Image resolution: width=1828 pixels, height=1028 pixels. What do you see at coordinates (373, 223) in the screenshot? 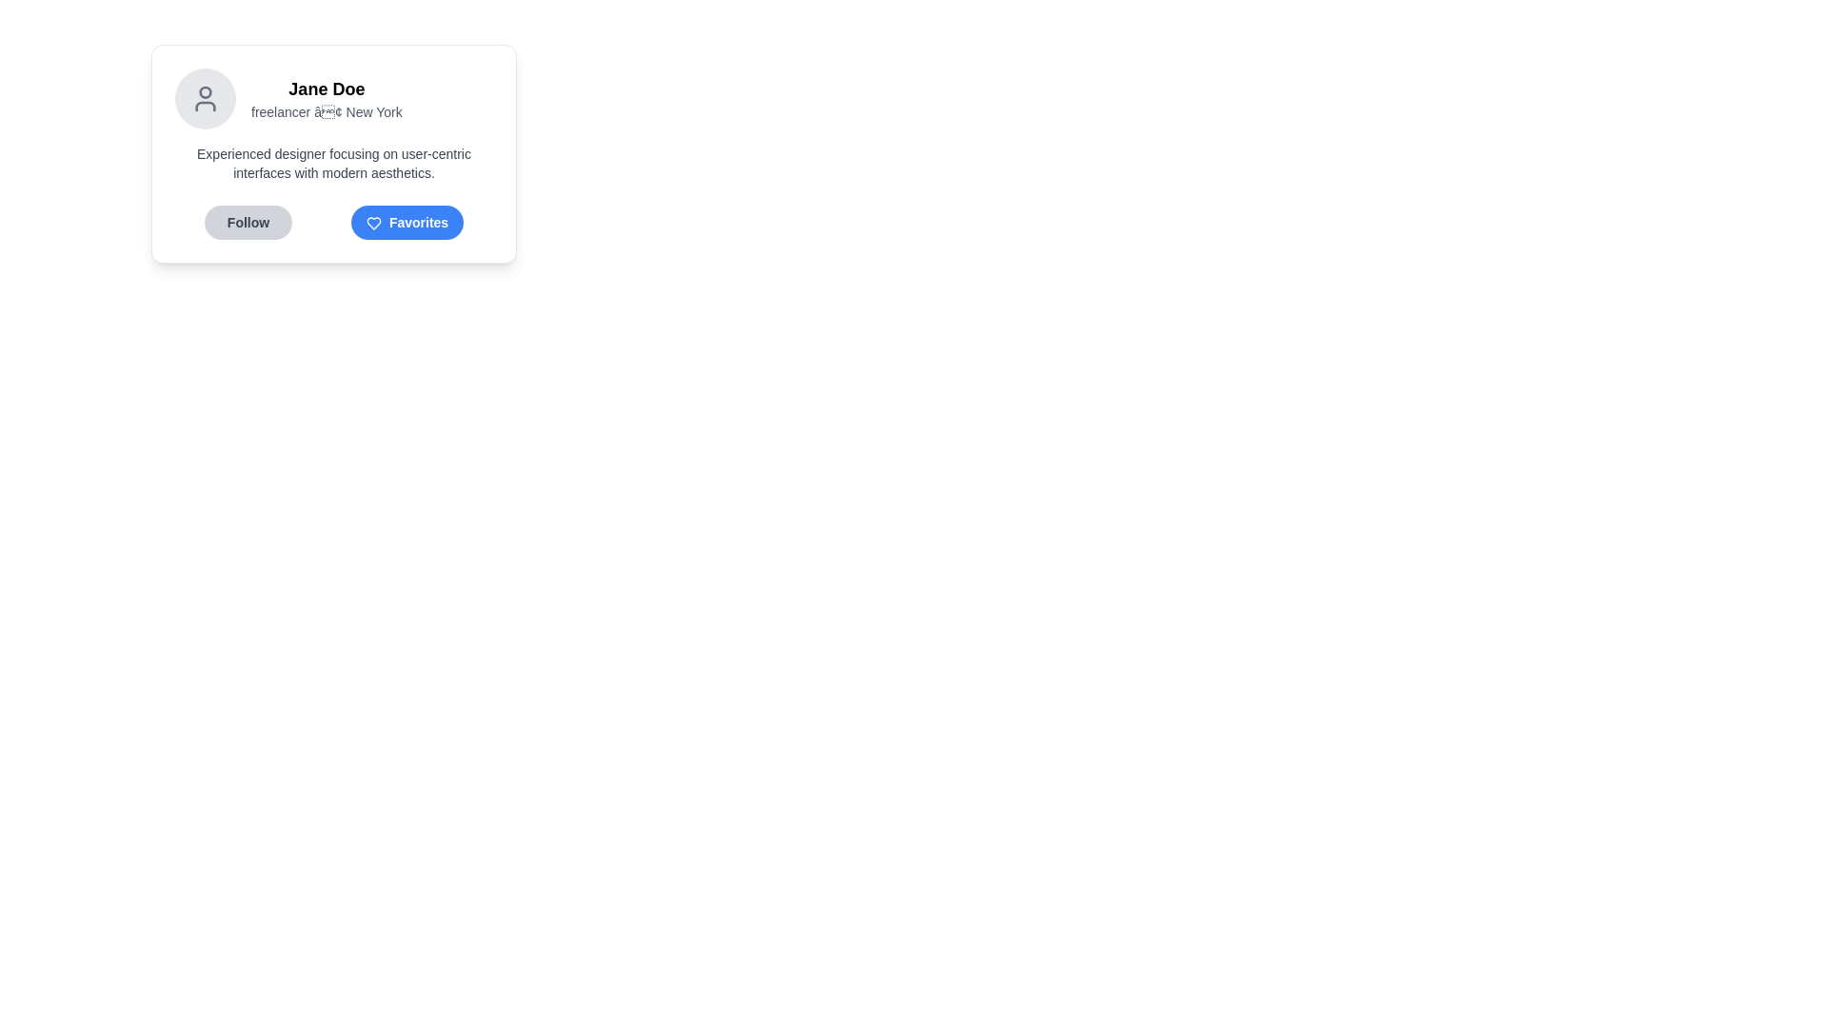
I see `the heart-shaped icon with a blue outline, located to the left of the 'Favorites' text, as a visual cue` at bounding box center [373, 223].